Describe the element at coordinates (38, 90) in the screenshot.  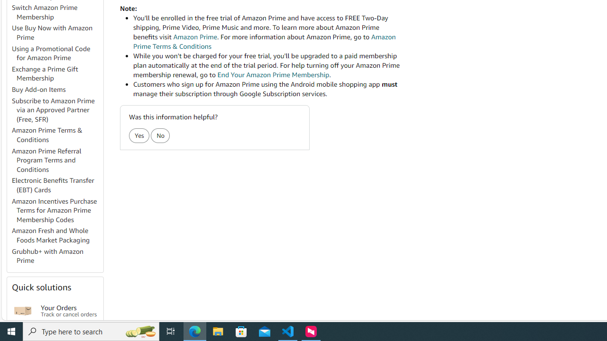
I see `'Buy Add-on Items'` at that location.